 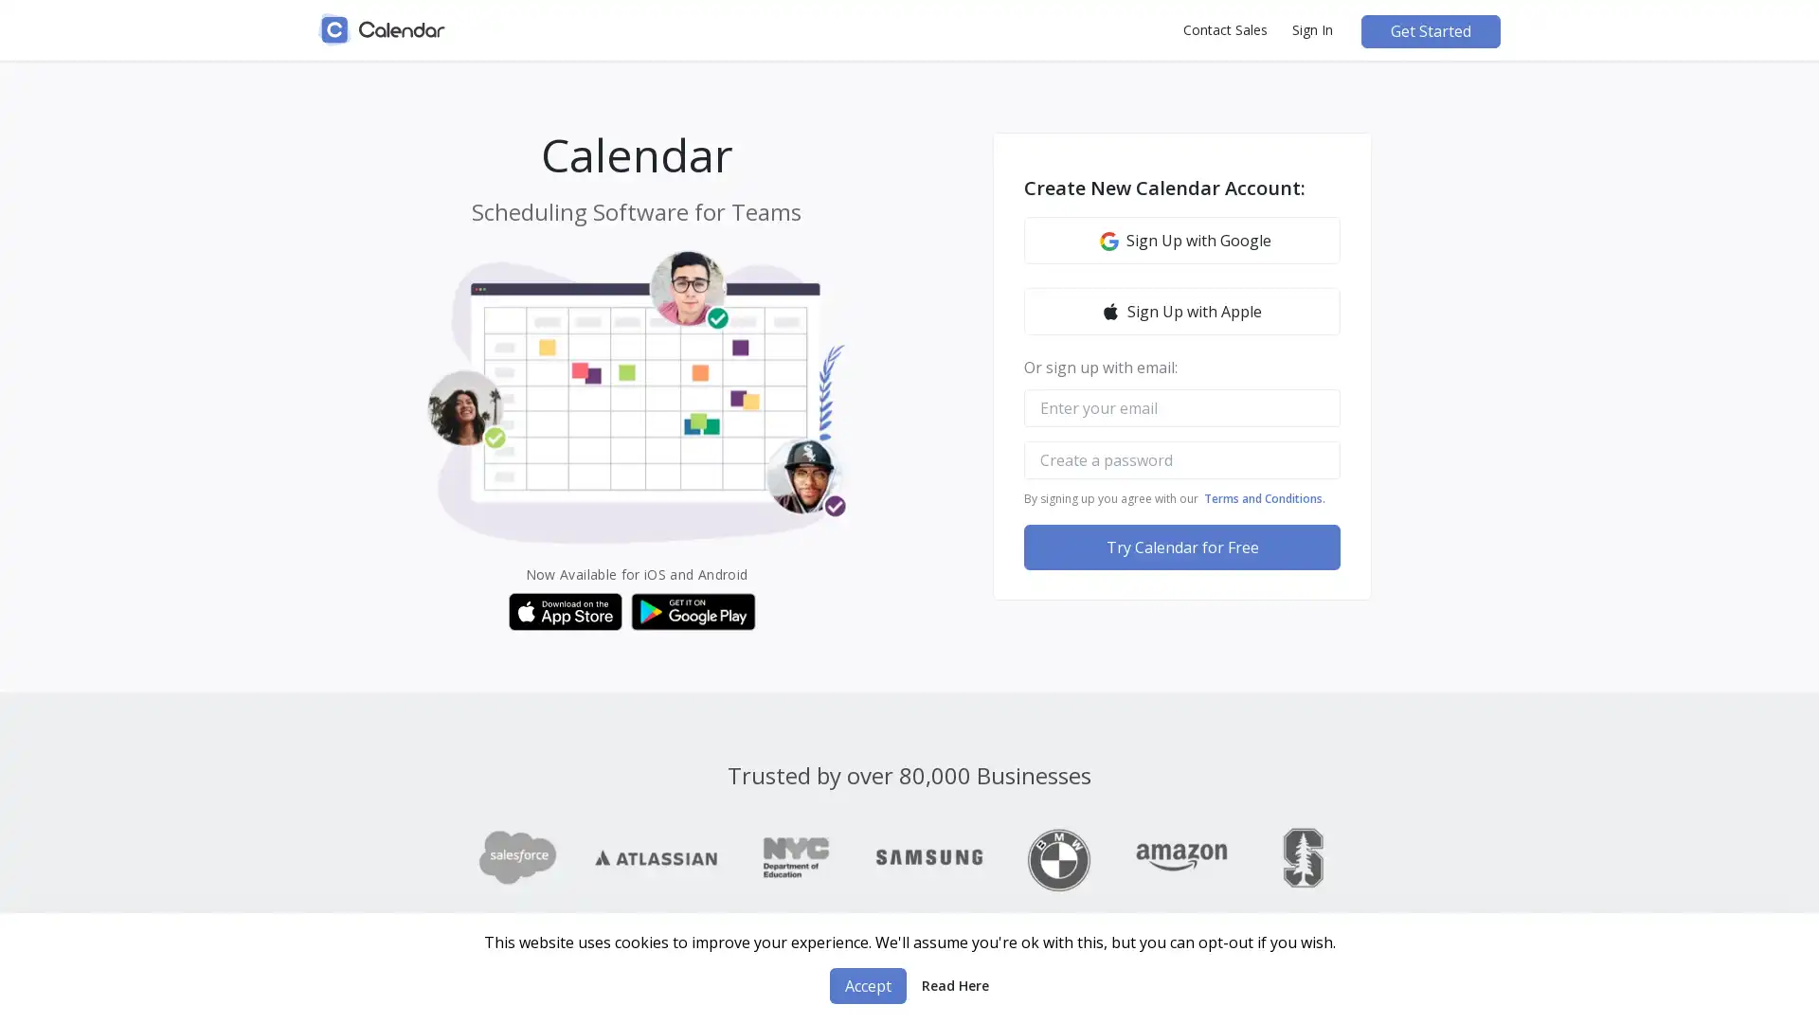 I want to click on CLOSE, so click(x=774, y=565).